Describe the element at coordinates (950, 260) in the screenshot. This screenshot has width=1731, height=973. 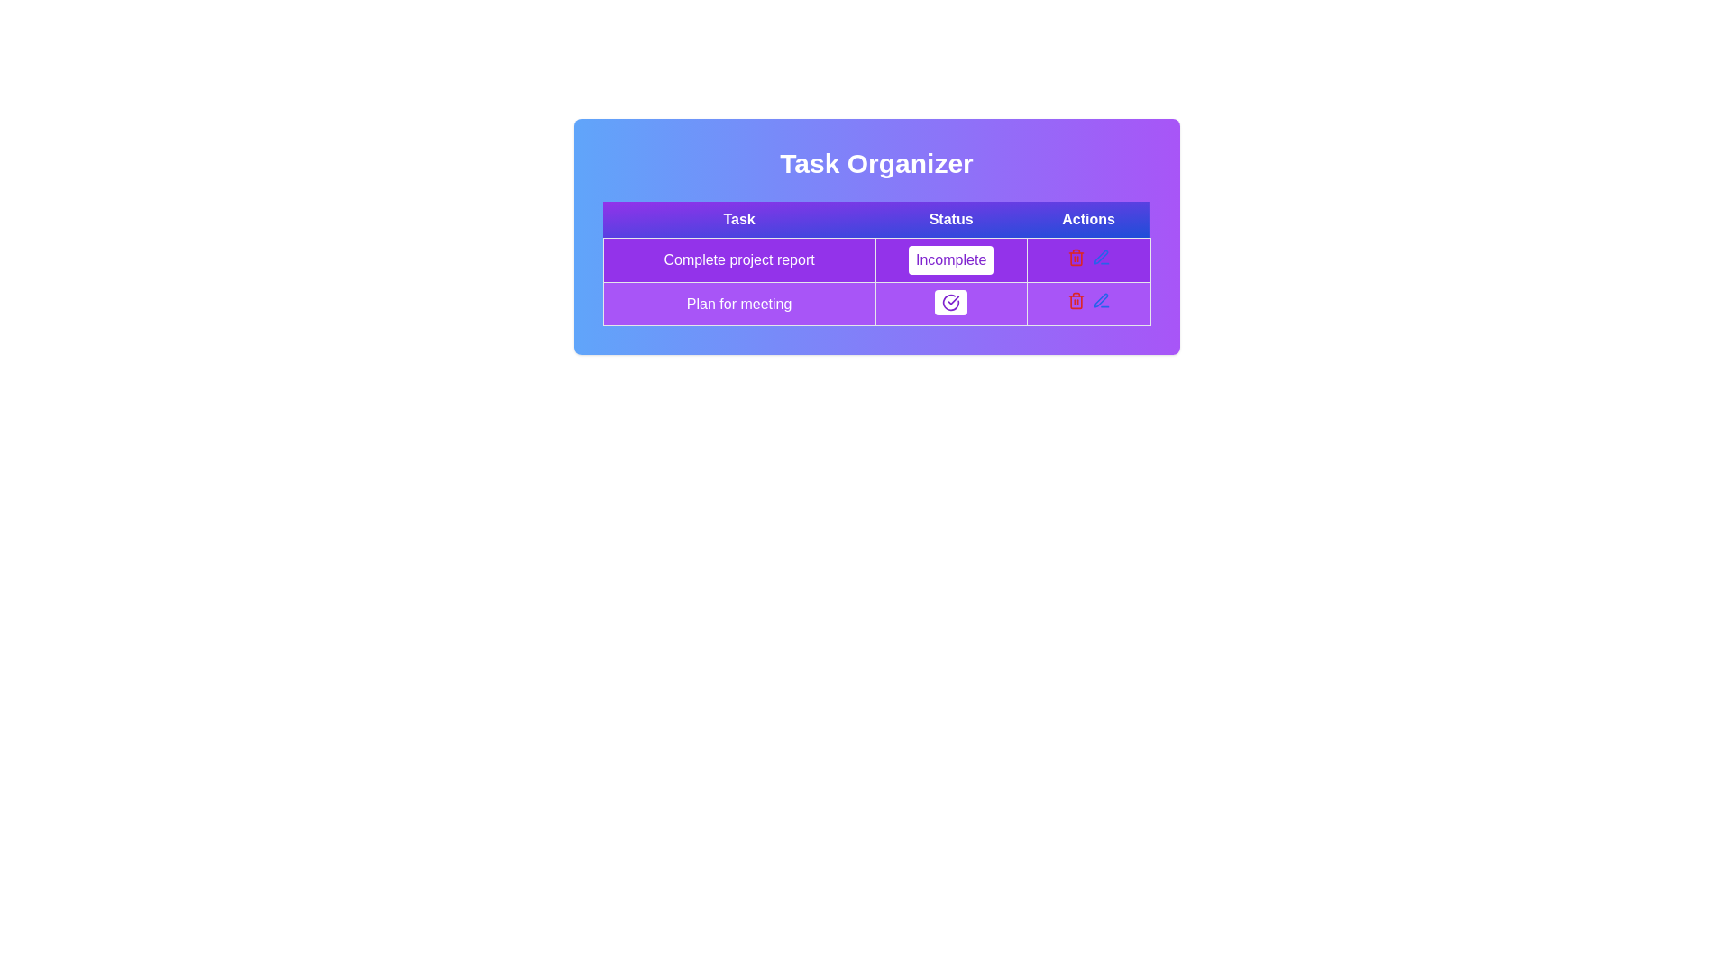
I see `the 'Incomplete' button, which is a rectangular button with purple text on a white background, located in the 'Status' column of the first row of the table` at that location.